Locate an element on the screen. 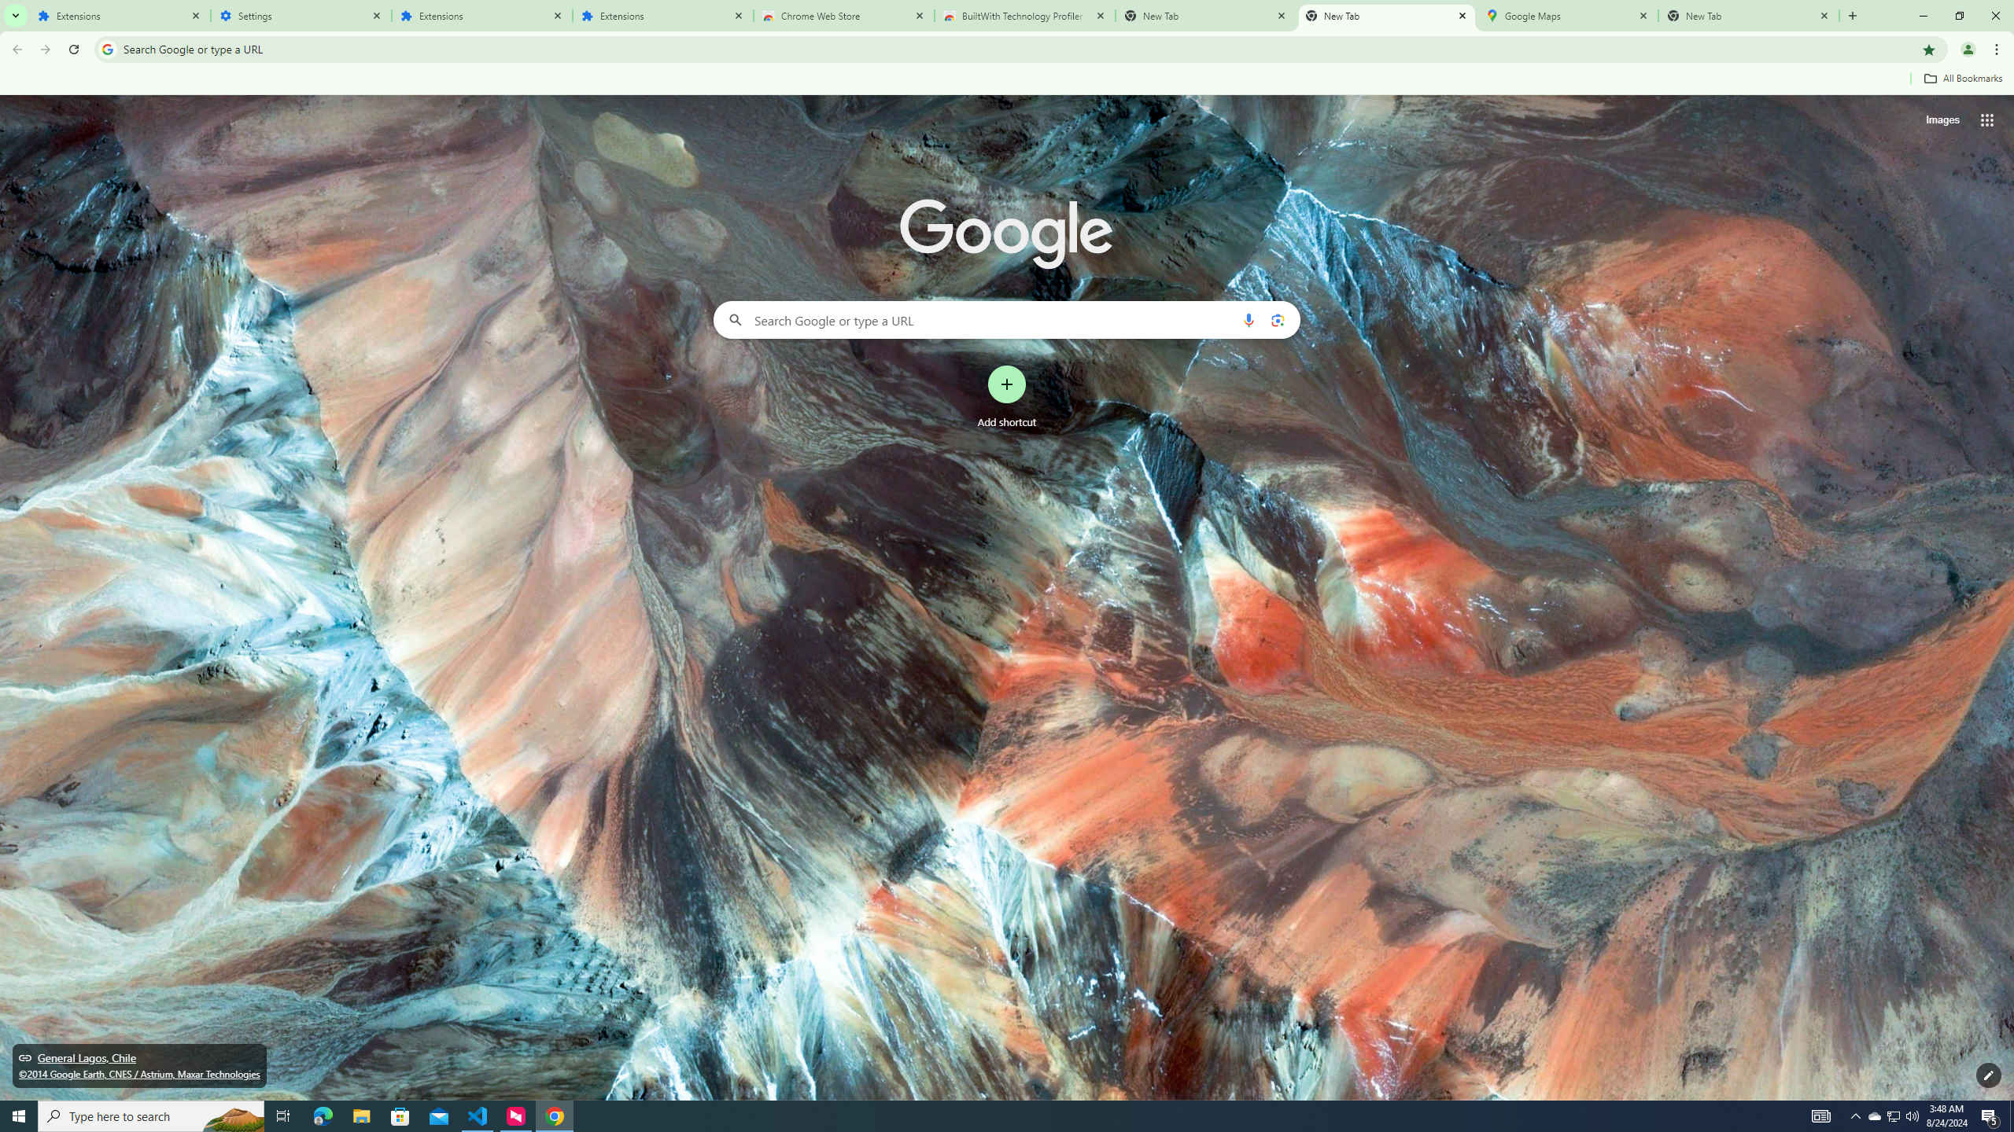 The height and width of the screenshot is (1132, 2014). 'Extensions' is located at coordinates (119, 15).